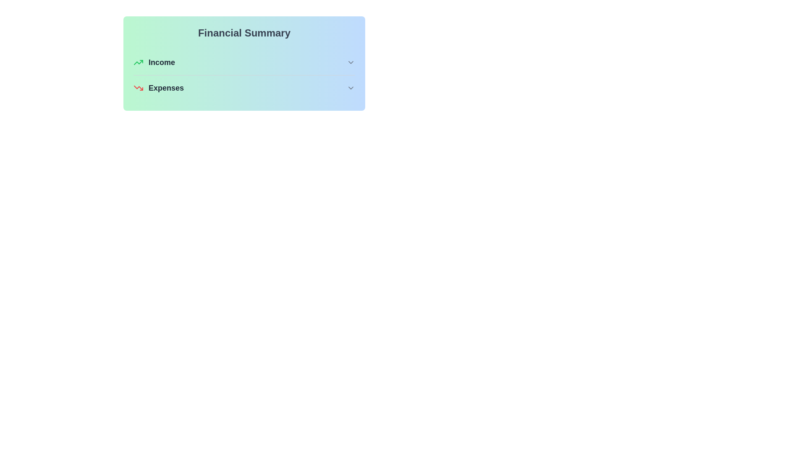  What do you see at coordinates (351, 88) in the screenshot?
I see `the Dropdown icon located to the far-right of the 'Expenses' section in the Financial Summary interface` at bounding box center [351, 88].